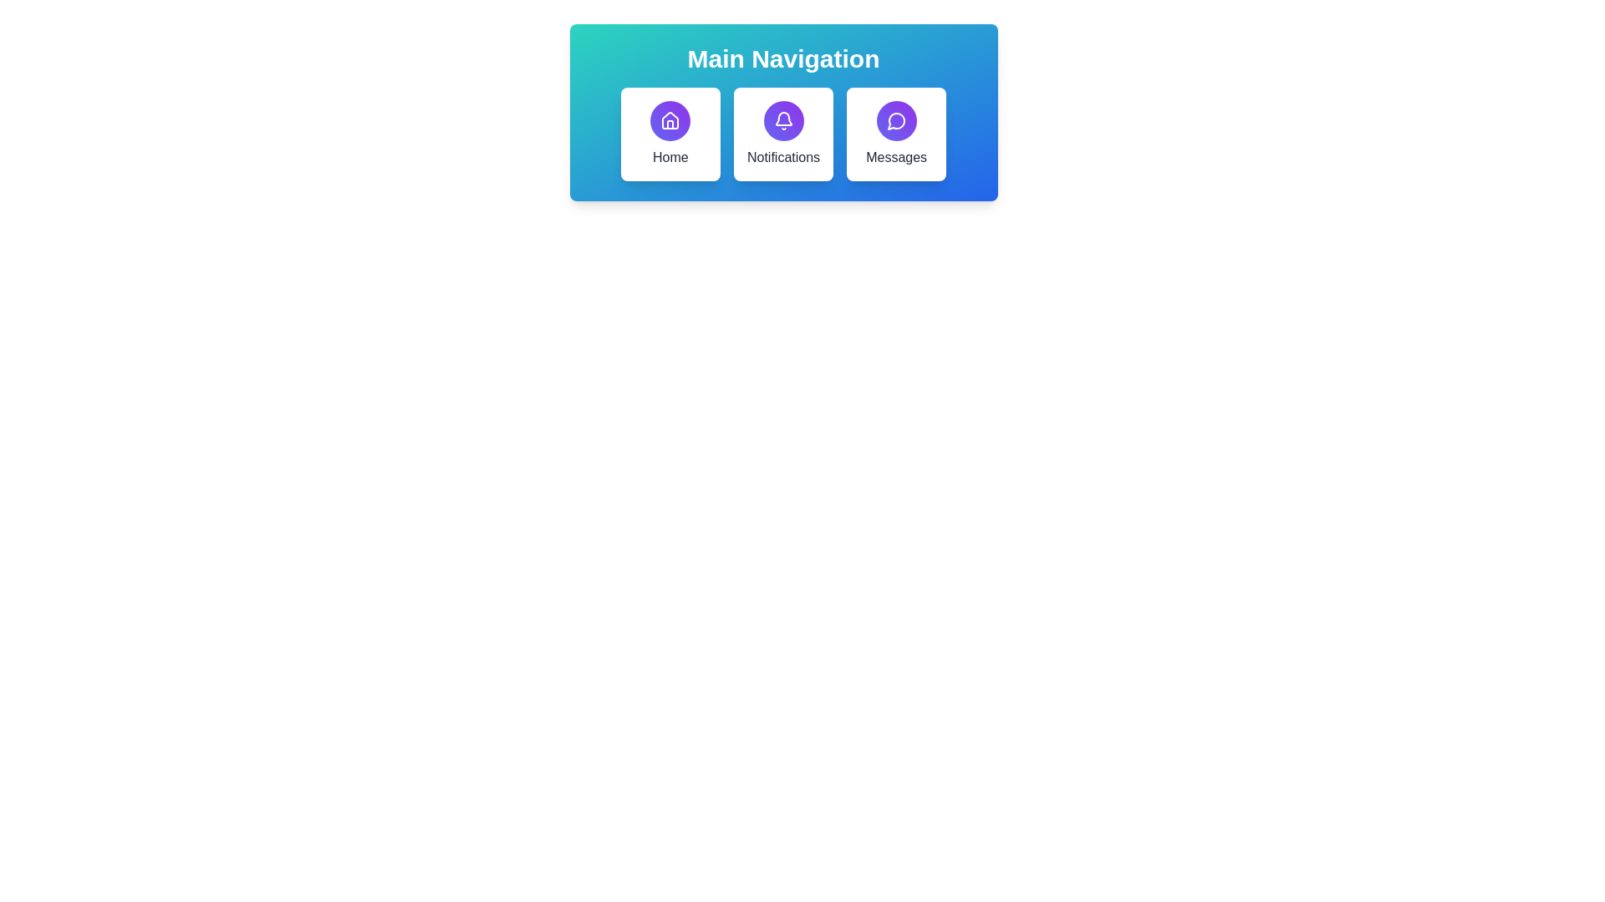 Image resolution: width=1605 pixels, height=902 pixels. Describe the element at coordinates (670, 120) in the screenshot. I see `the small, circular icon with a gradient background and a white house icon in the center, located at the top portion of the 'Home' card` at that location.